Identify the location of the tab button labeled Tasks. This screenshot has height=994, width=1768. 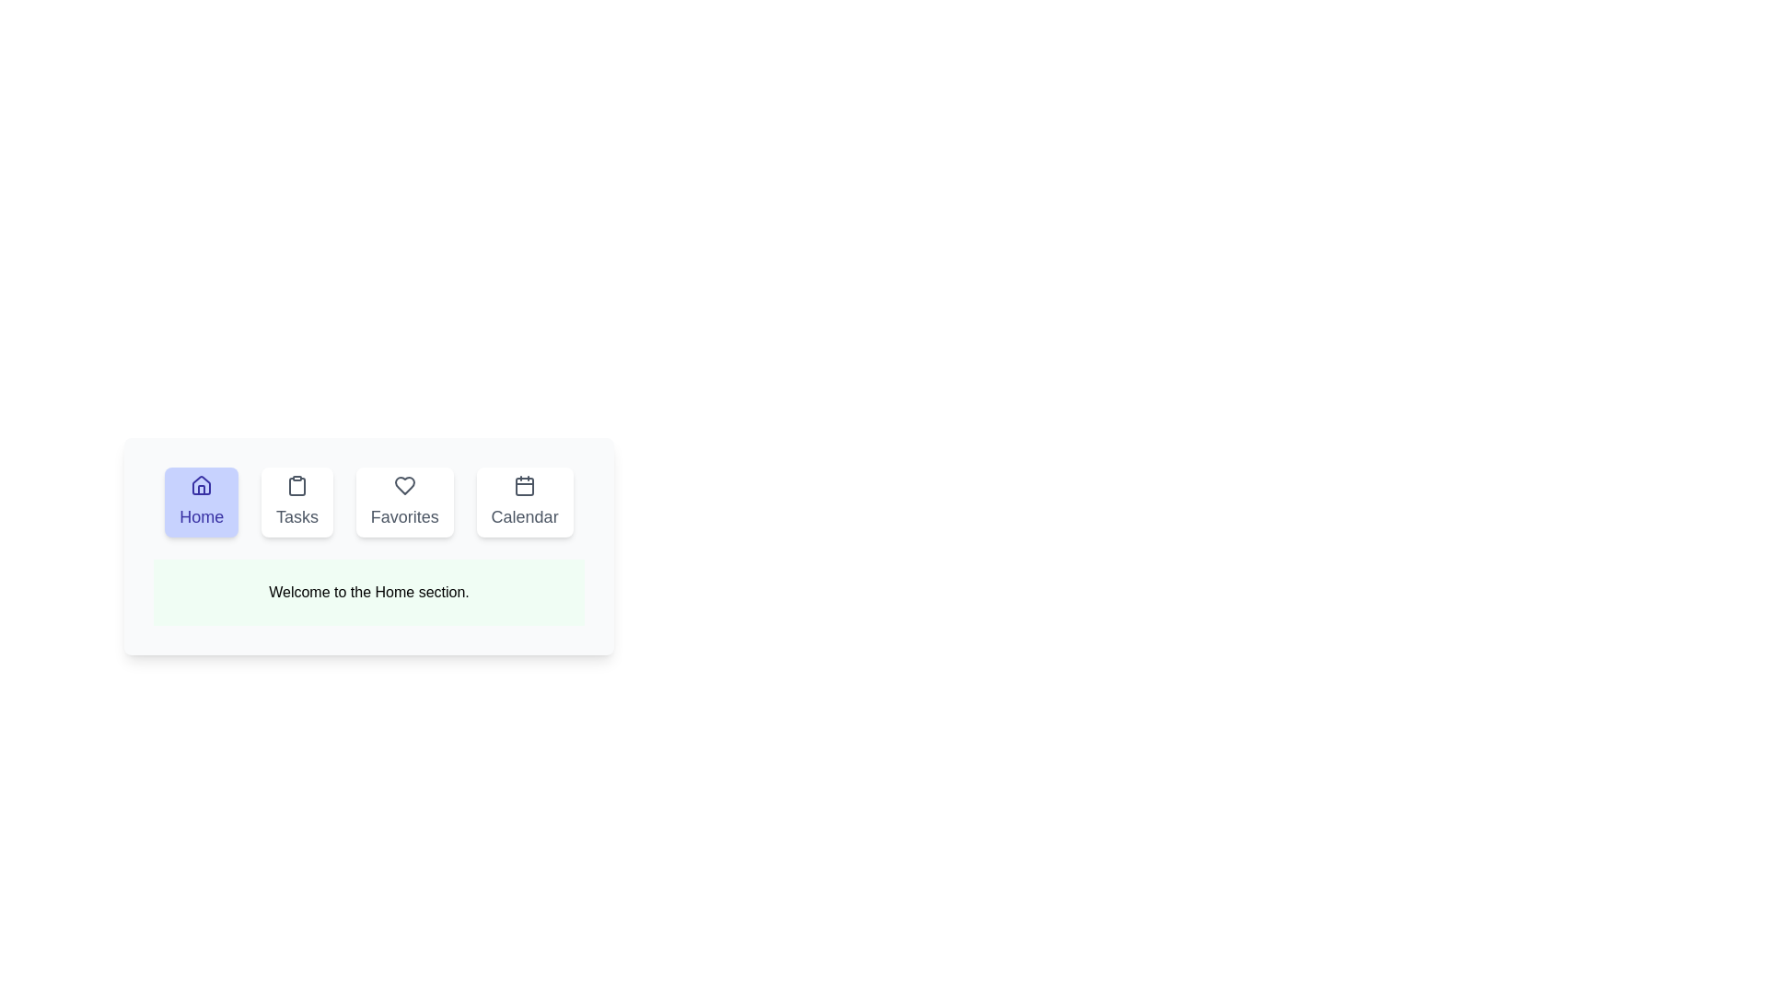
(297, 503).